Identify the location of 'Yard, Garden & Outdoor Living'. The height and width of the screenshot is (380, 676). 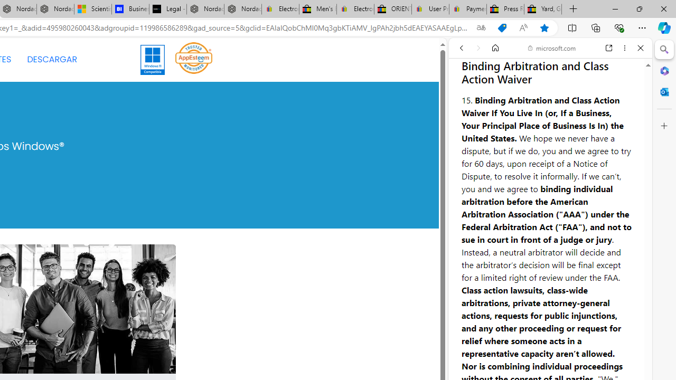
(543, 9).